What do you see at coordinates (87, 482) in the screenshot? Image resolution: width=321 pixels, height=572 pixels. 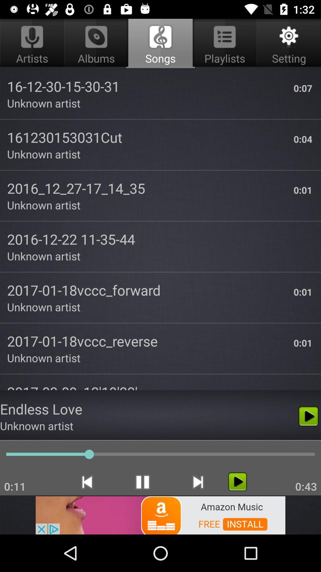 I see `the skip_previous icon` at bounding box center [87, 482].